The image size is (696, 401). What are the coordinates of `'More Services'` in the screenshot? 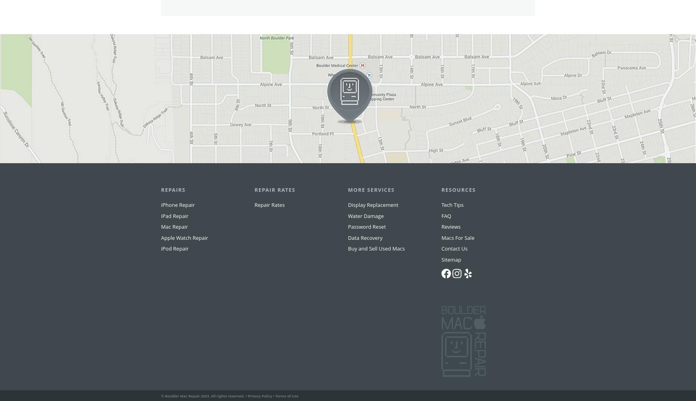 It's located at (371, 205).